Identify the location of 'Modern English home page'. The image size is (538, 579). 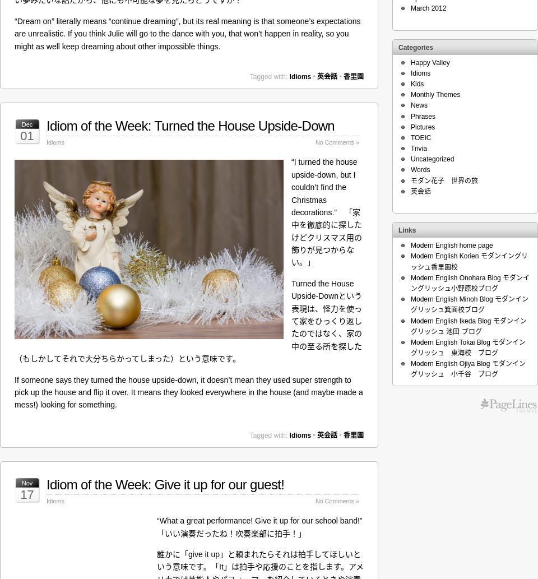
(452, 245).